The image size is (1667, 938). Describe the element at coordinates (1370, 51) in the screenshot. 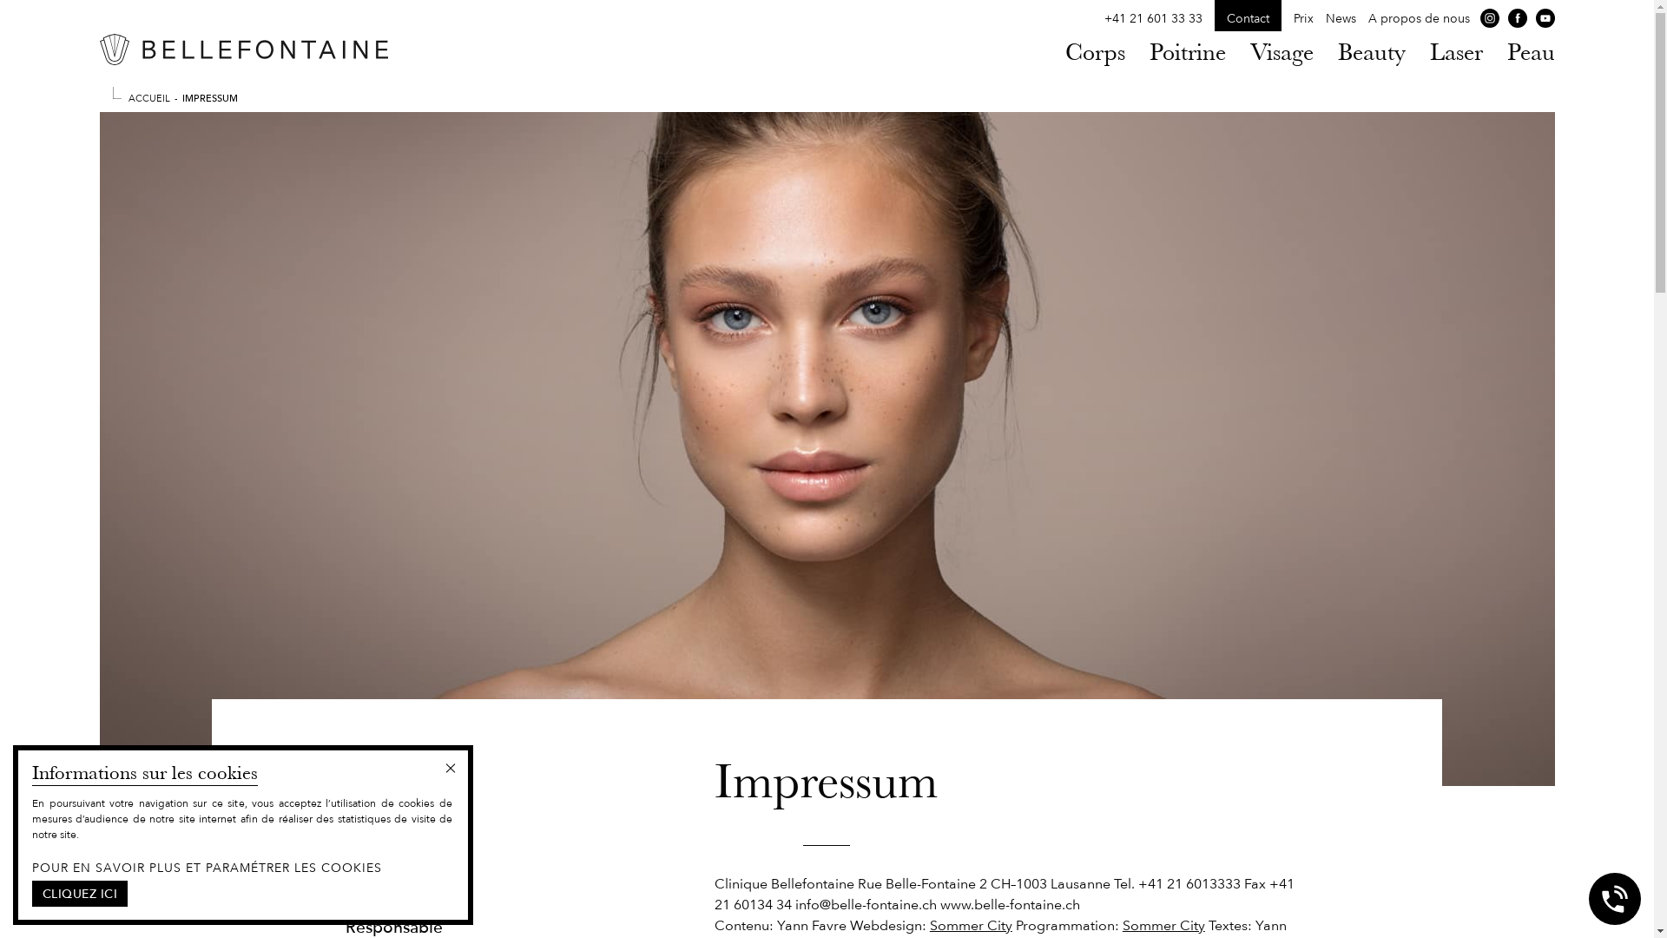

I see `'Beauty'` at that location.